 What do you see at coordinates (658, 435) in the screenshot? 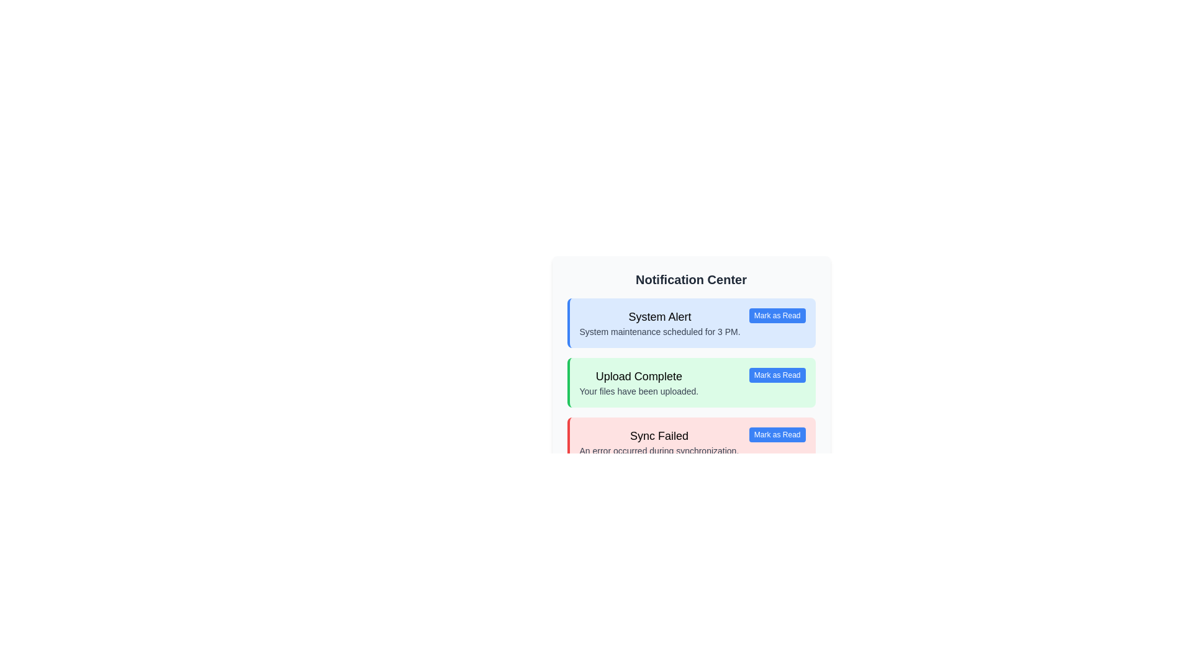
I see `the 'Sync Failed' text label in the third notification card in the Notification Center, which serves as a title for the section` at bounding box center [658, 435].